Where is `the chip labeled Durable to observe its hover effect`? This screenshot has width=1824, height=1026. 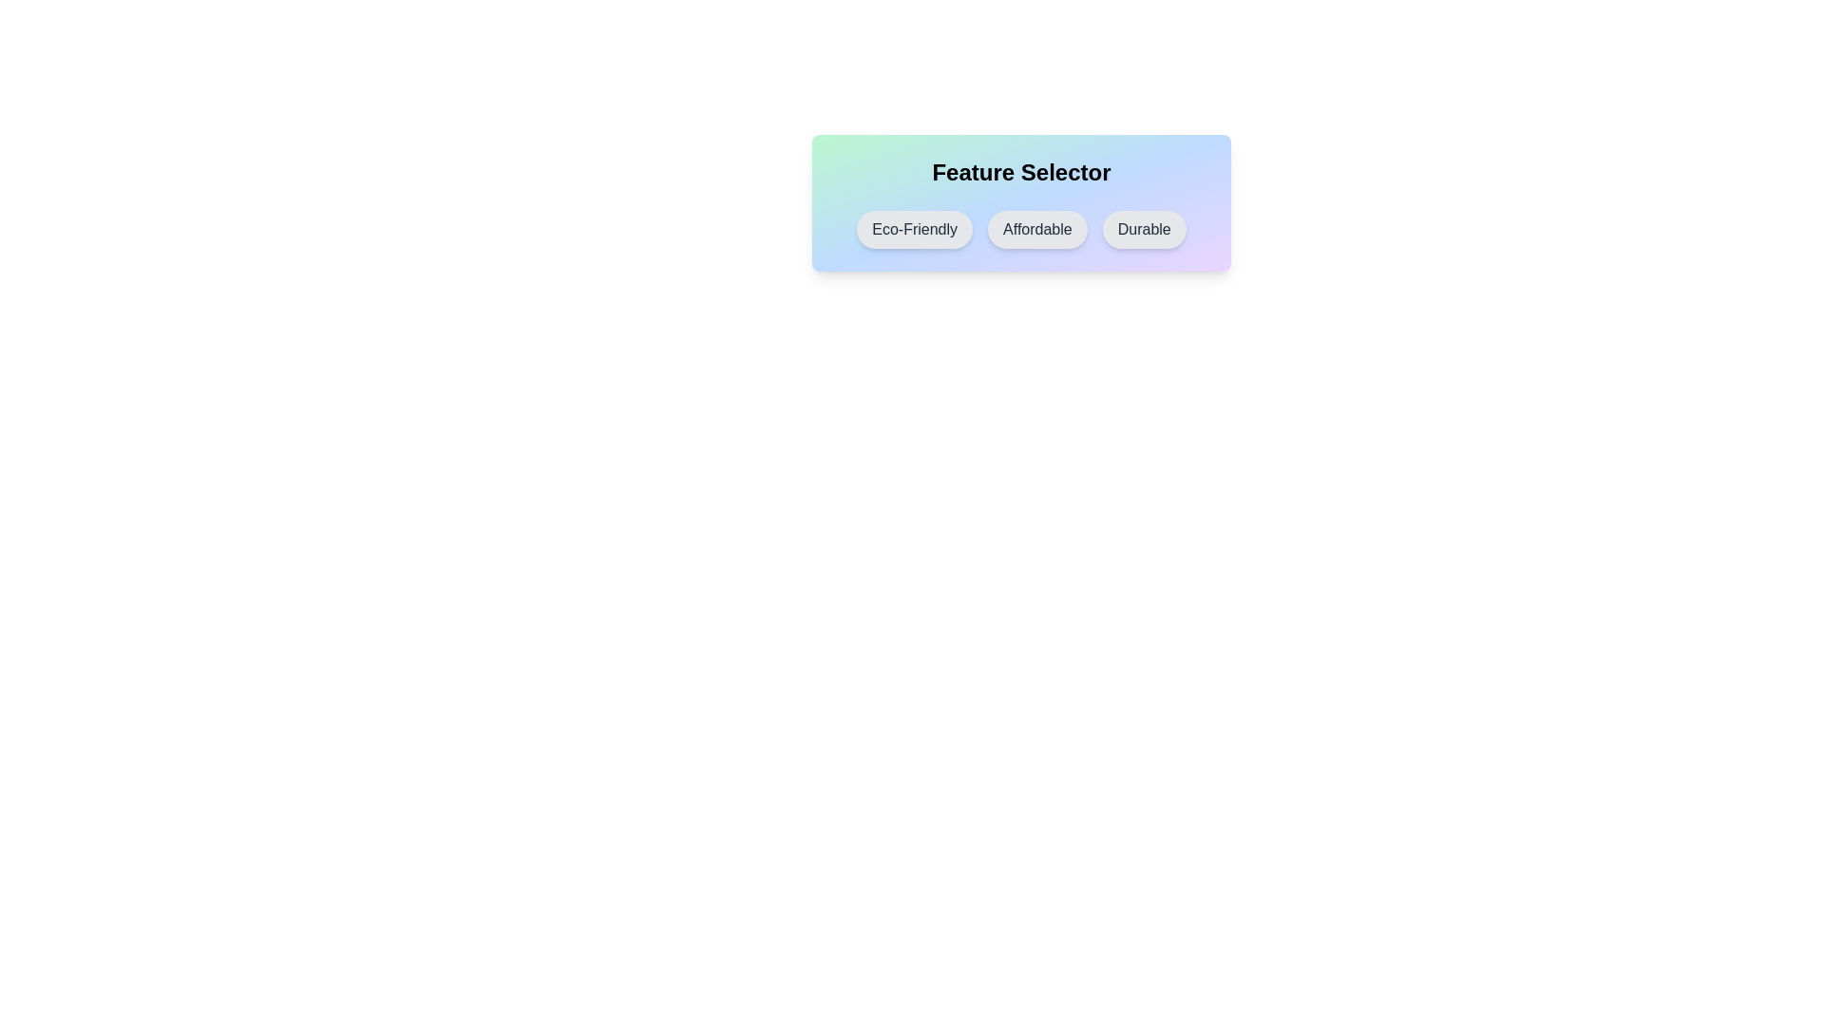 the chip labeled Durable to observe its hover effect is located at coordinates (1143, 229).